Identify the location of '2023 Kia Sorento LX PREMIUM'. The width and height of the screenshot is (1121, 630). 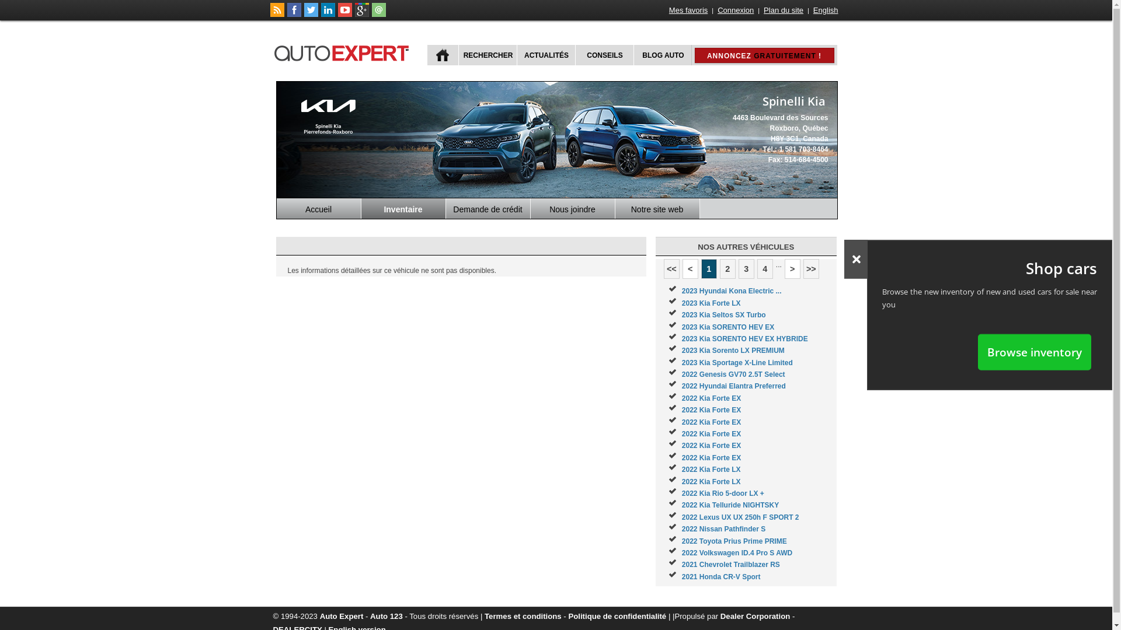
(681, 350).